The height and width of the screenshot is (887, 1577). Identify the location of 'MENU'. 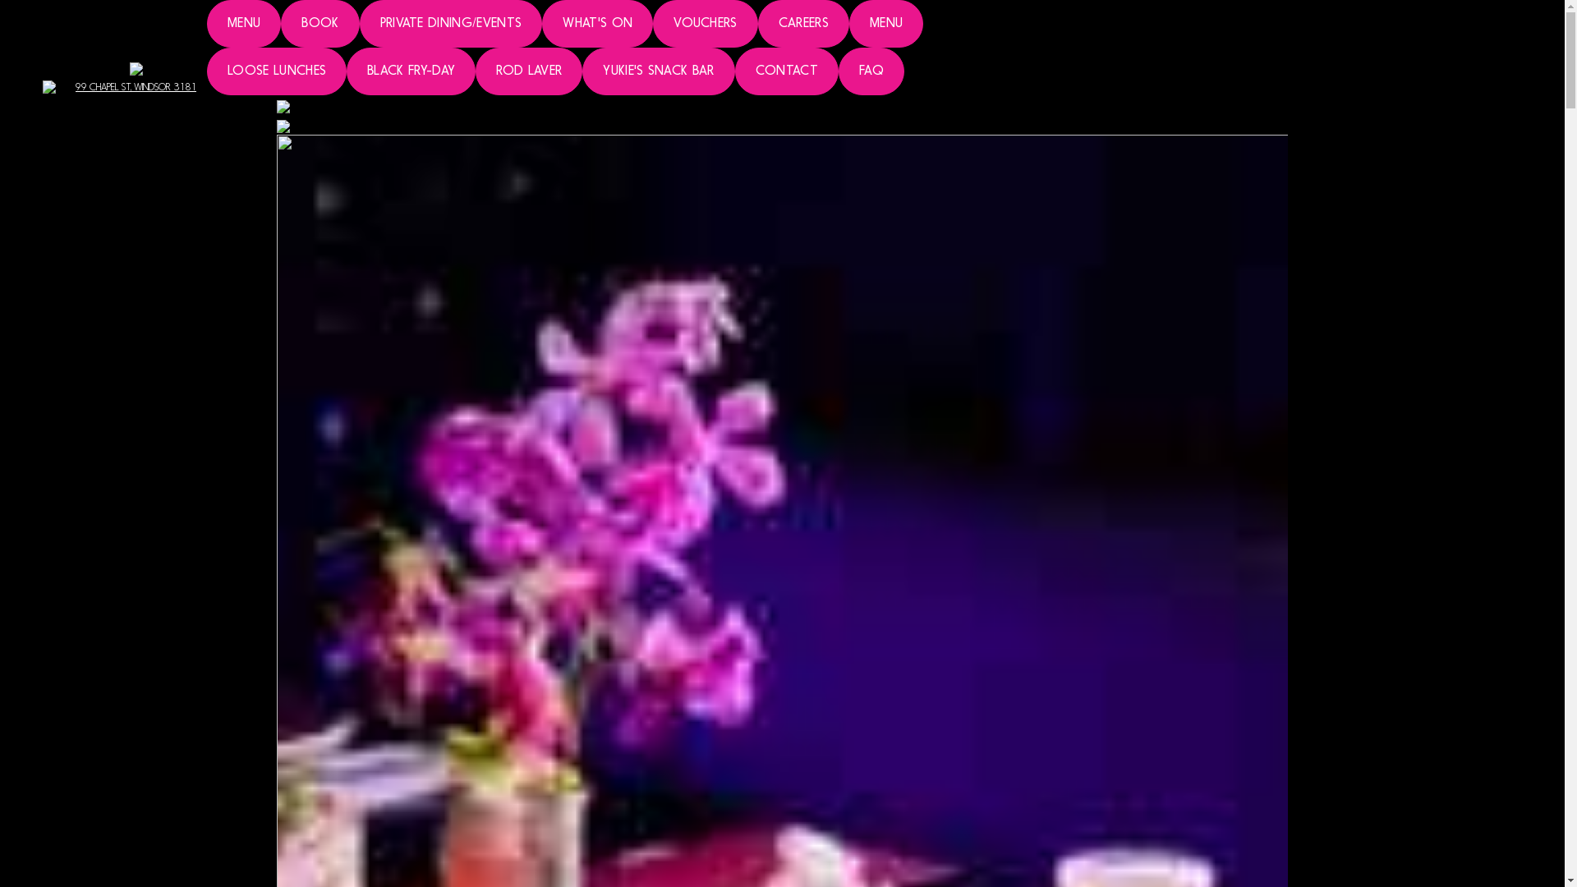
(243, 24).